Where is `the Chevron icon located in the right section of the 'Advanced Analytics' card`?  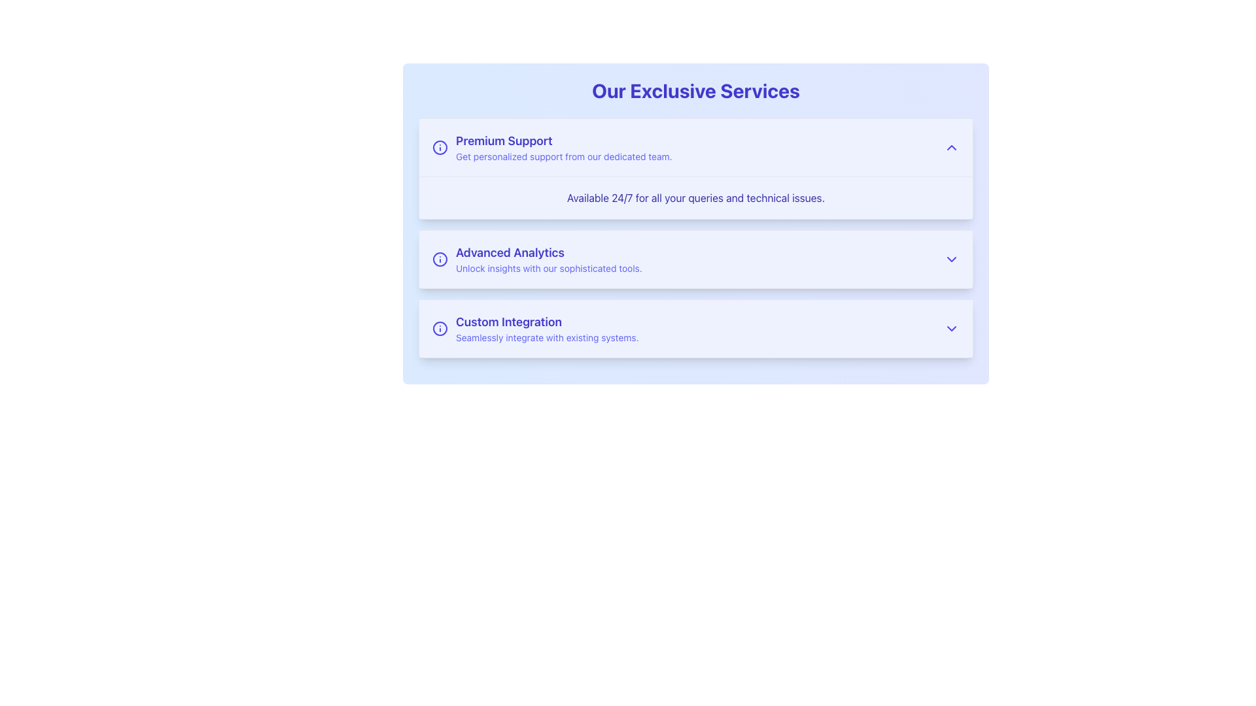 the Chevron icon located in the right section of the 'Advanced Analytics' card is located at coordinates (951, 260).